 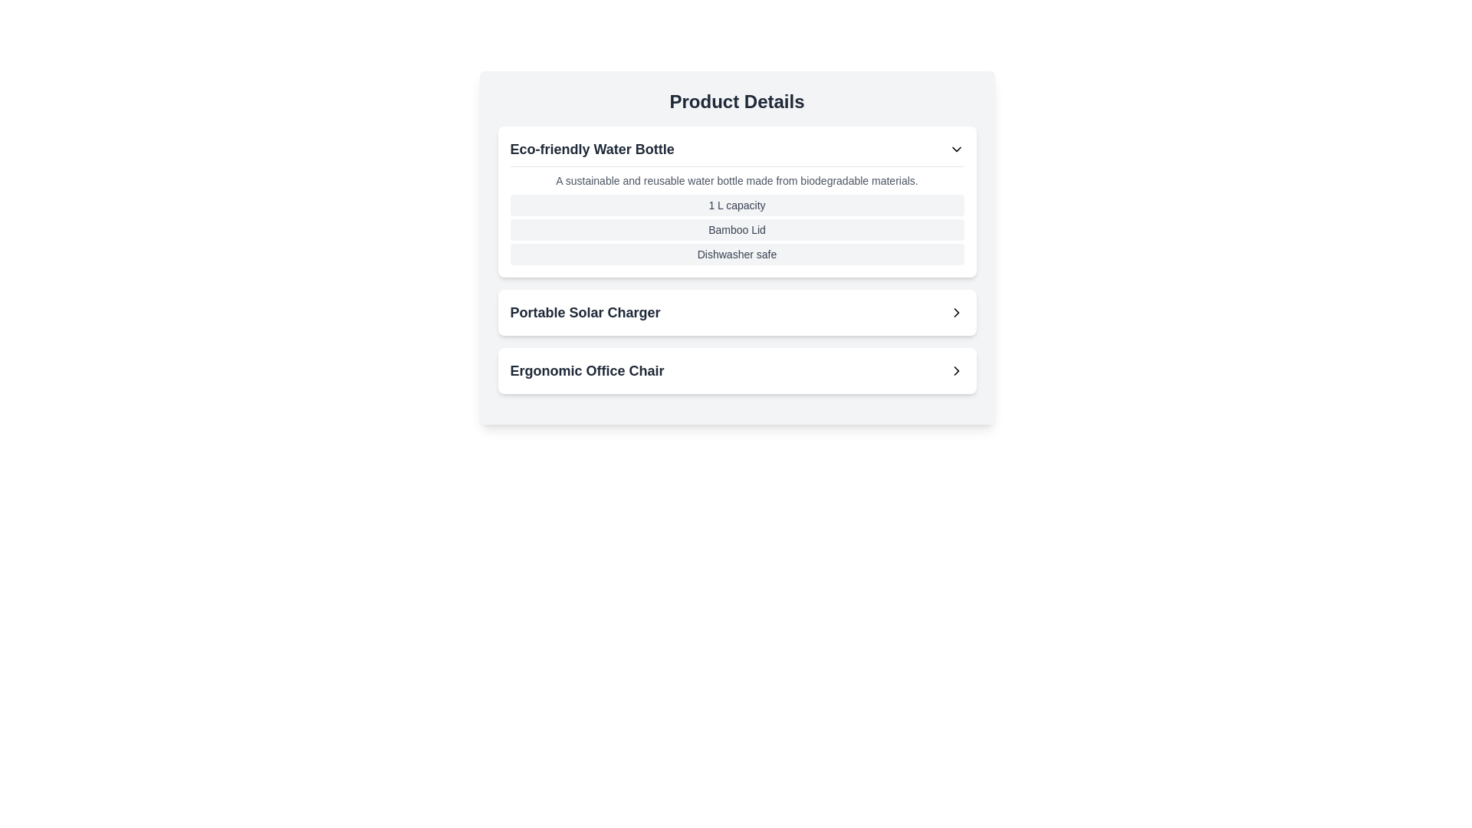 I want to click on the non-interactive label displaying the title 'Portable Solar Charger' in the 'Product Details' section, located in the second decorative row, so click(x=584, y=312).